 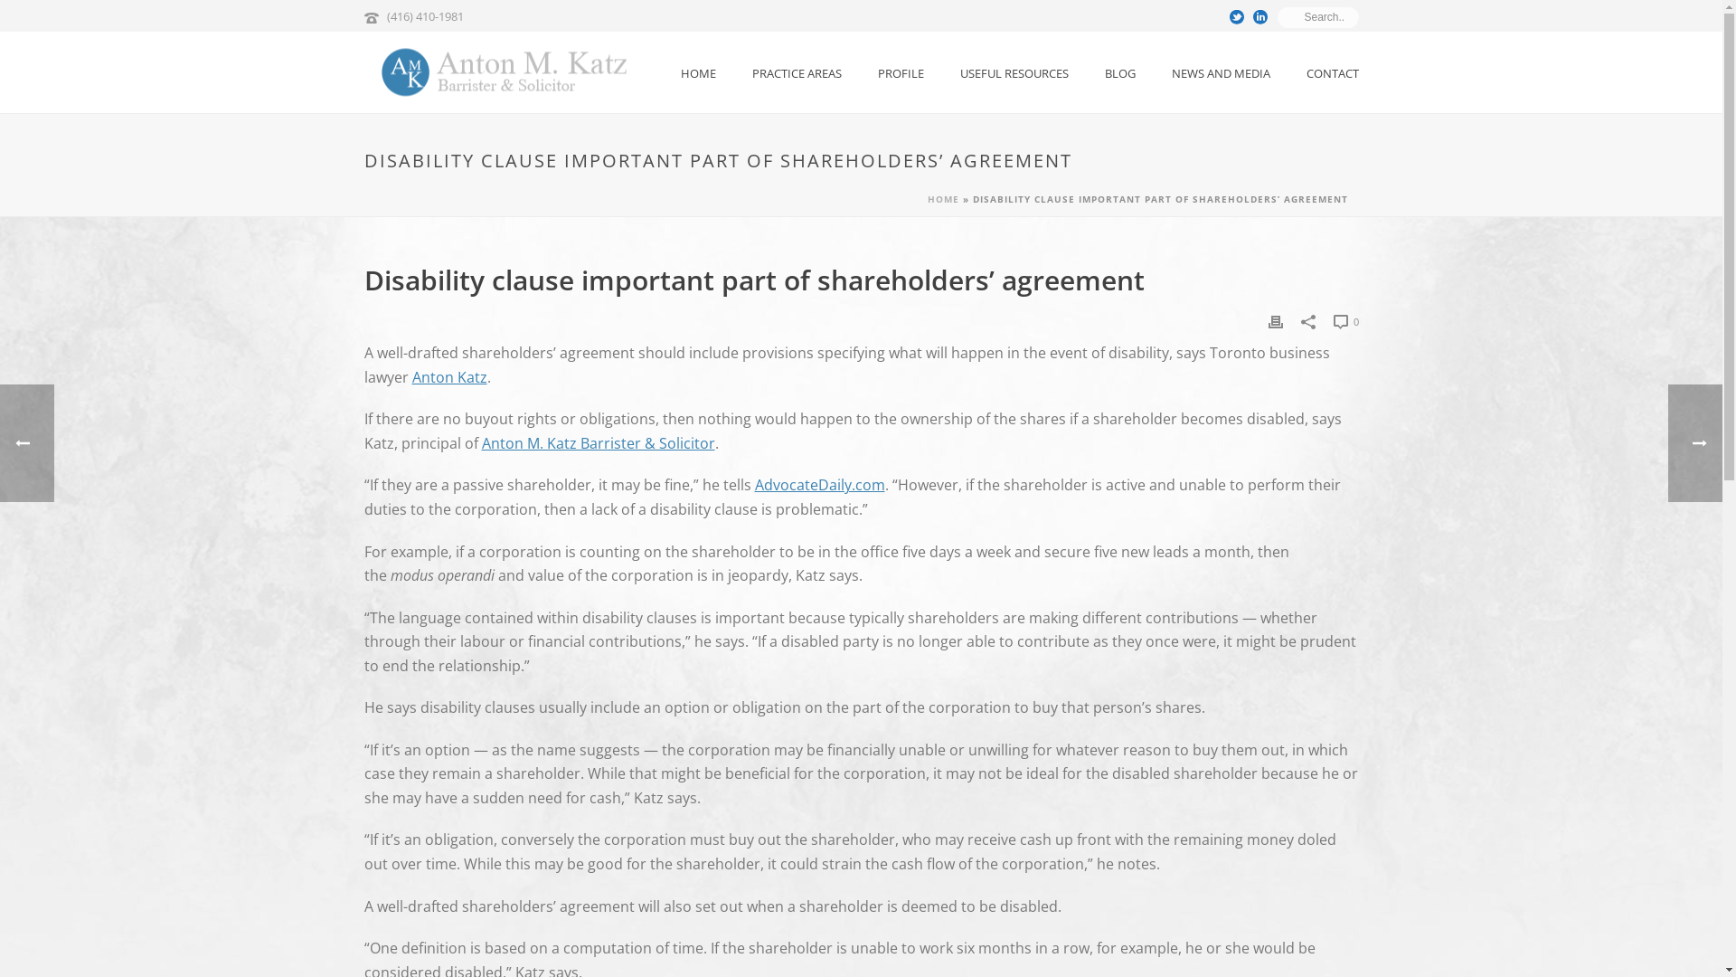 I want to click on 'AdvocateDaily.com', so click(x=818, y=484).